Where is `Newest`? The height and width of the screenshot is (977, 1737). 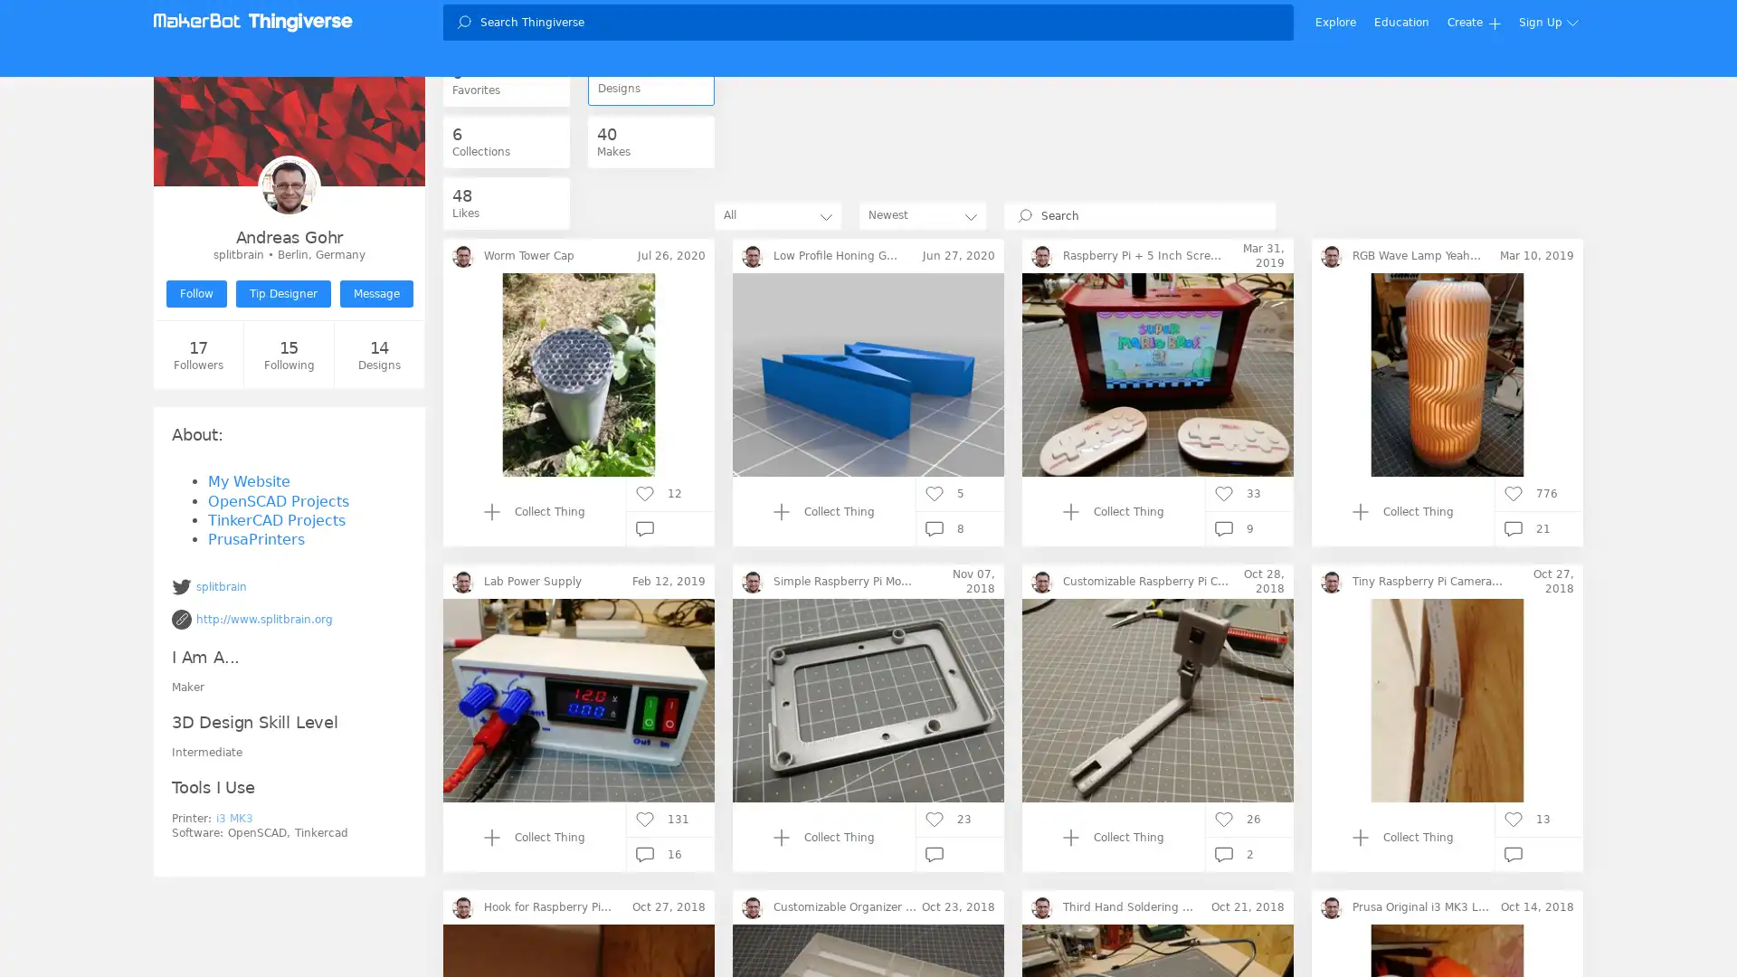
Newest is located at coordinates (922, 215).